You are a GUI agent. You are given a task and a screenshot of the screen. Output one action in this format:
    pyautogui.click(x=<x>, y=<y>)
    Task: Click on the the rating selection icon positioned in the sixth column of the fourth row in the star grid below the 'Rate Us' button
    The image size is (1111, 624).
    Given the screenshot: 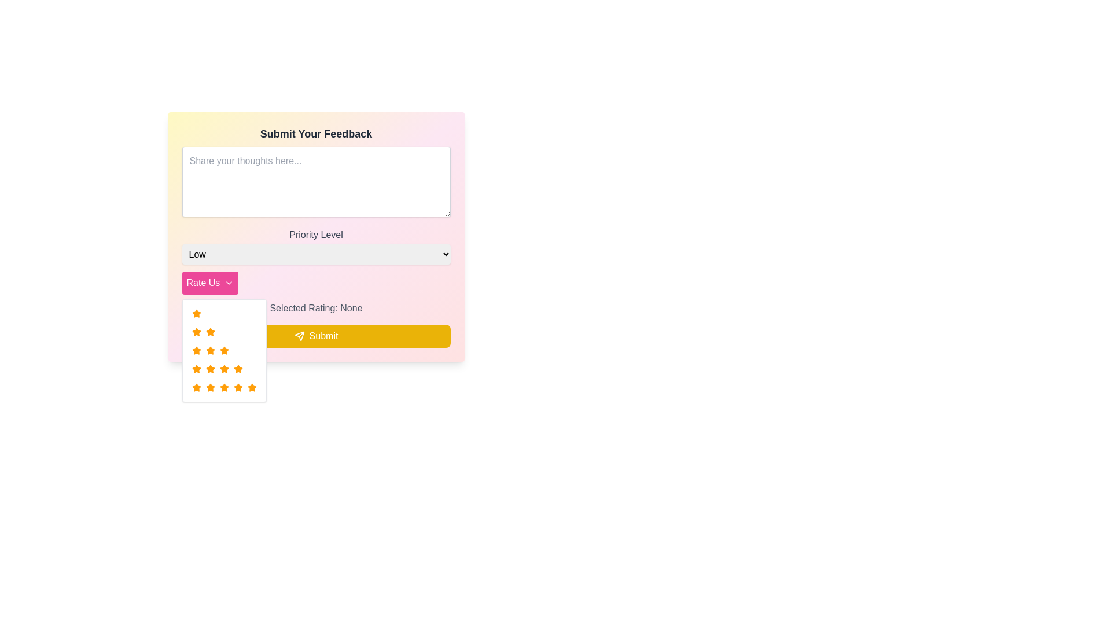 What is the action you would take?
    pyautogui.click(x=237, y=369)
    